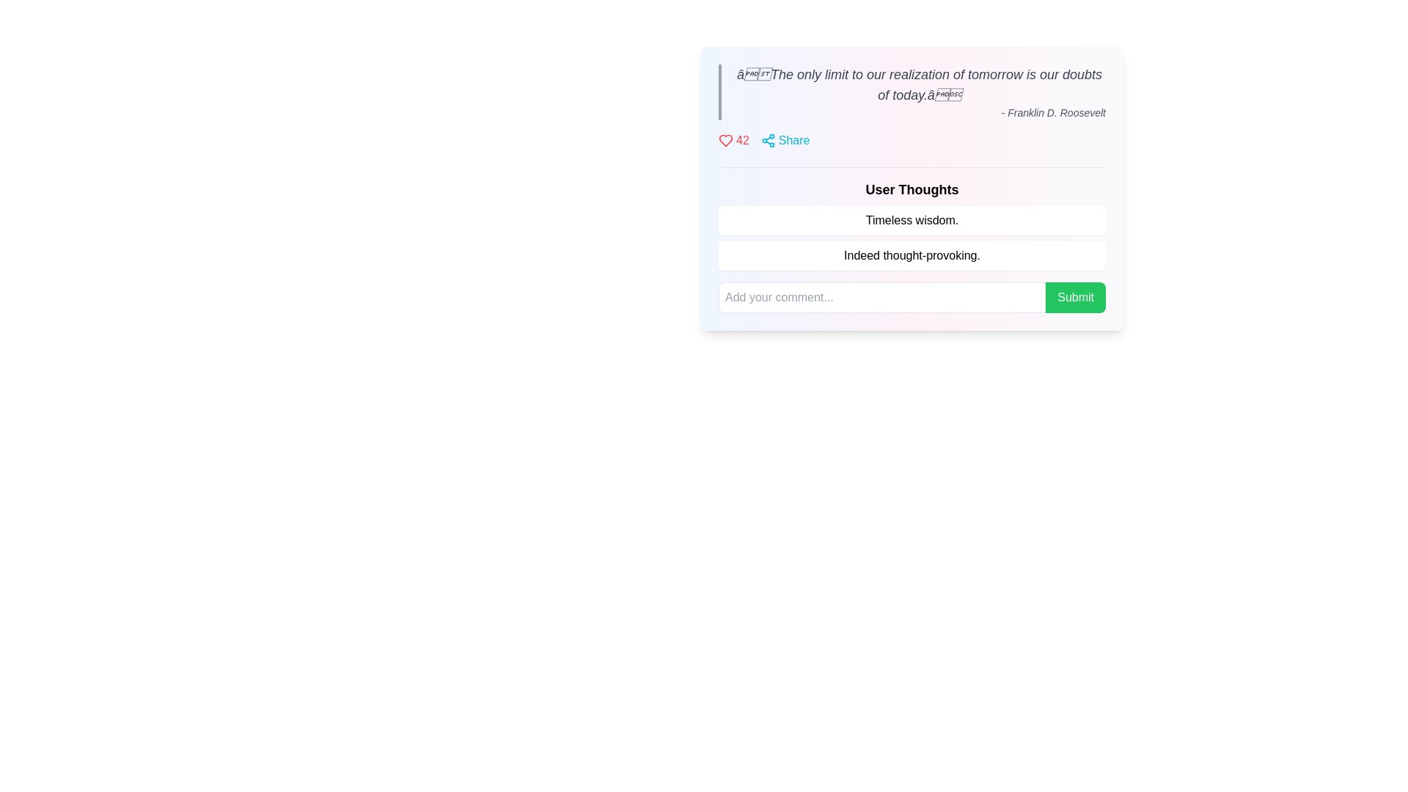  I want to click on displayed number from the text label located to the right of the red heart icon in the top portion of the UI, so click(742, 141).